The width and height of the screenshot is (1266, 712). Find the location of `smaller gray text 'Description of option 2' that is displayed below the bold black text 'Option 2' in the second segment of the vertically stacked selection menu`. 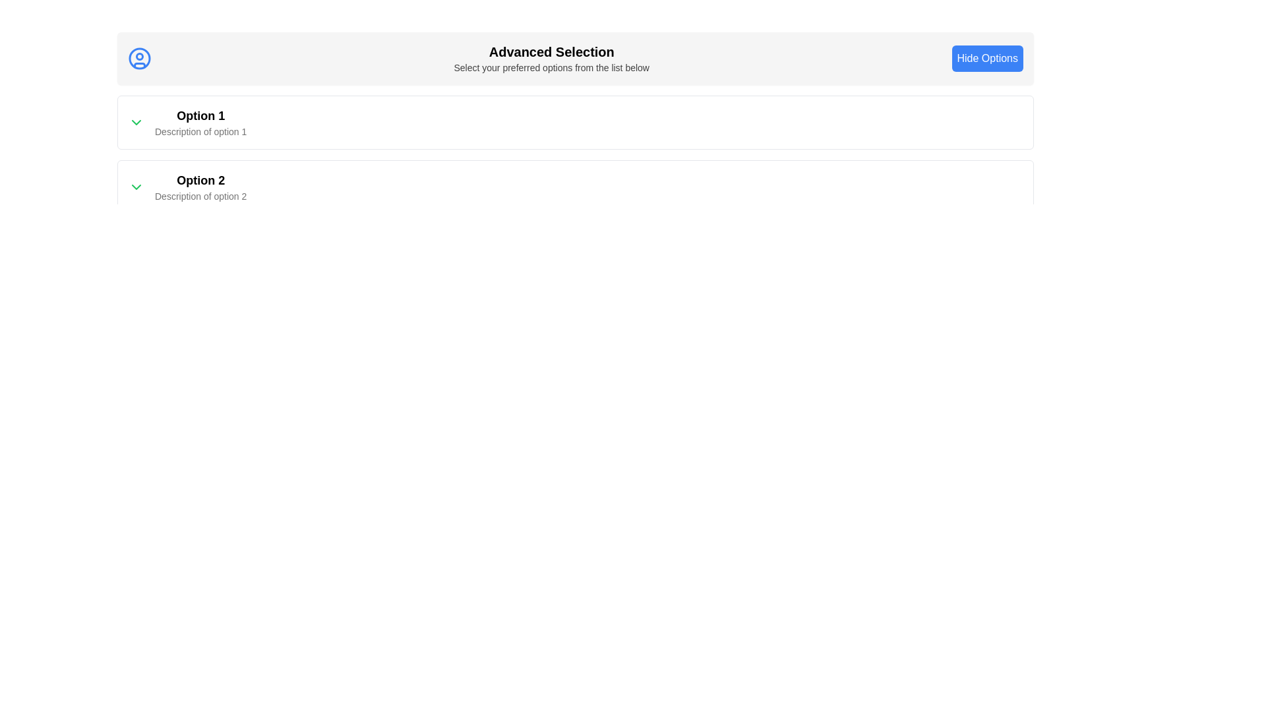

smaller gray text 'Description of option 2' that is displayed below the bold black text 'Option 2' in the second segment of the vertically stacked selection menu is located at coordinates (200, 187).